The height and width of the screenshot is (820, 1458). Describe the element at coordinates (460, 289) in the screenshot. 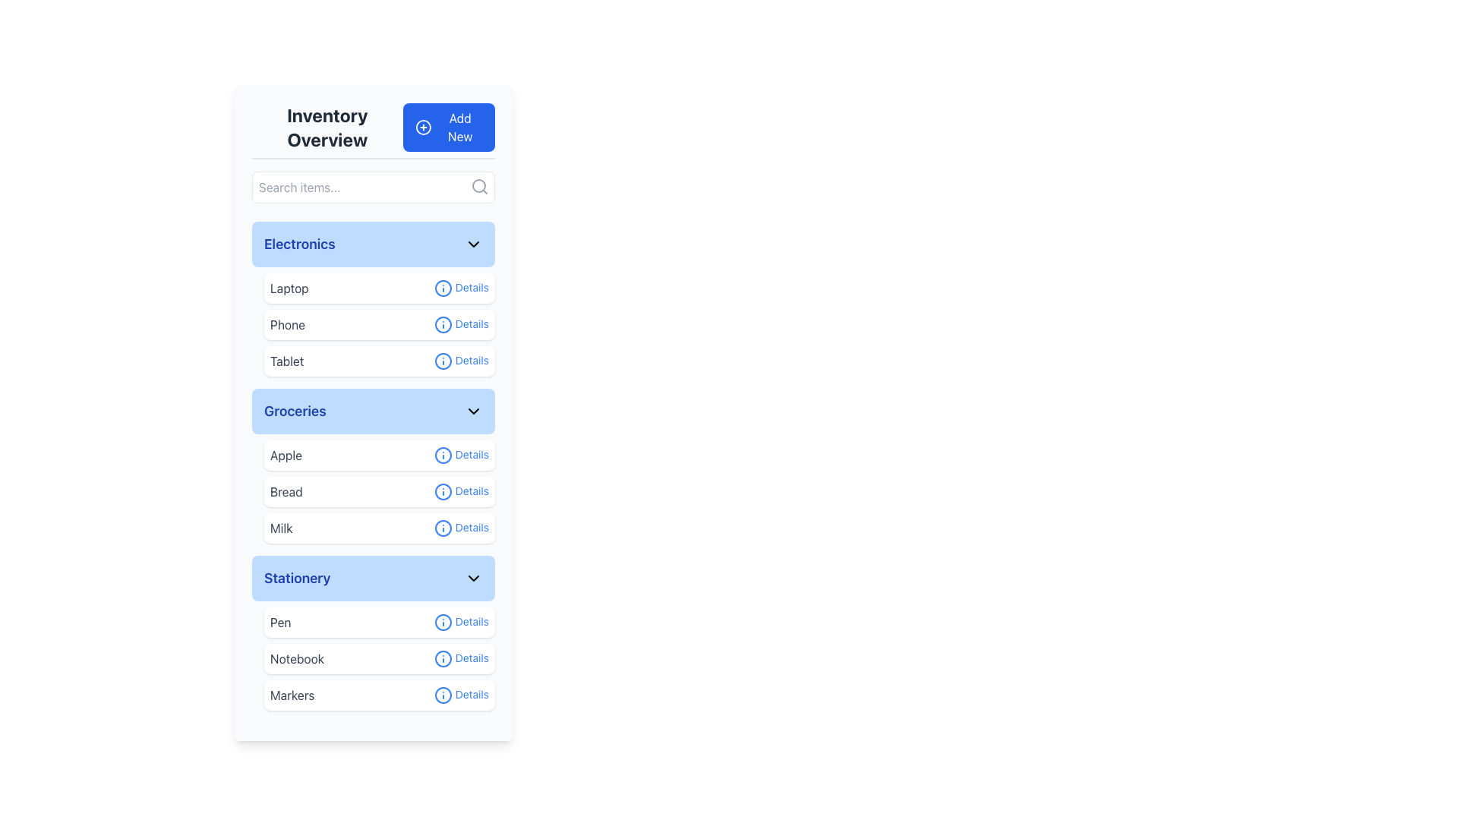

I see `the hyperlink located to the right of the 'Laptop' text in the 'Electronics' category section` at that location.